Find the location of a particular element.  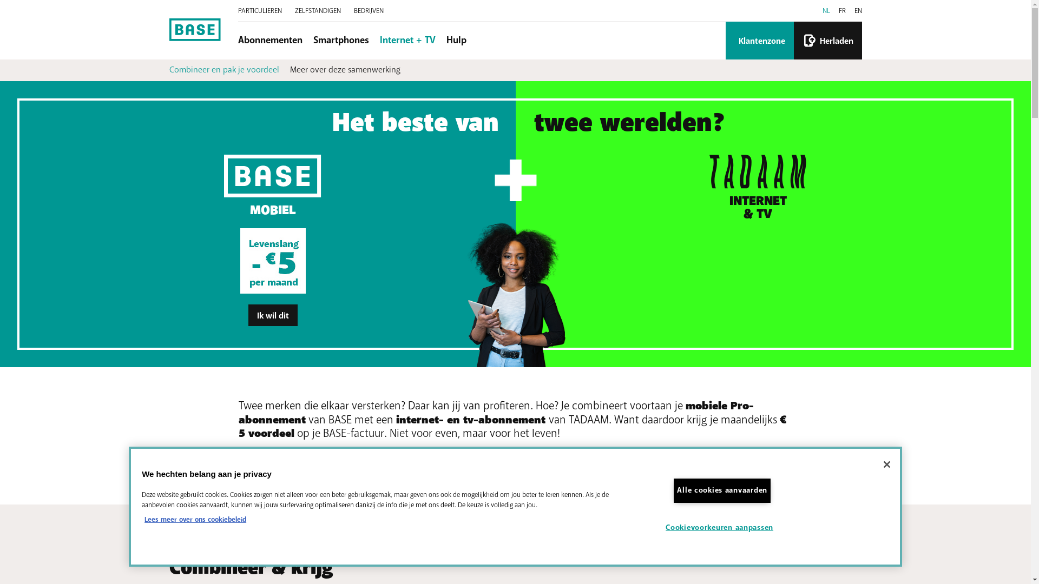

'Ik wil dit' is located at coordinates (273, 315).